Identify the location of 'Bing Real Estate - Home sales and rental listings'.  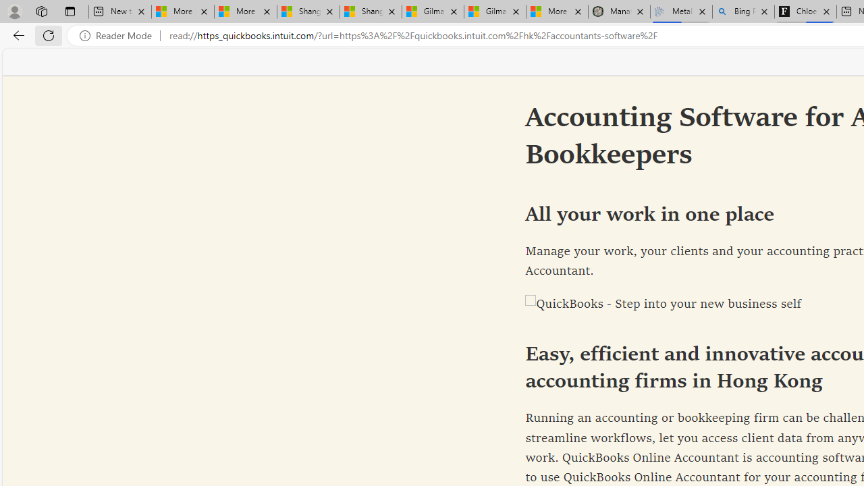
(742, 11).